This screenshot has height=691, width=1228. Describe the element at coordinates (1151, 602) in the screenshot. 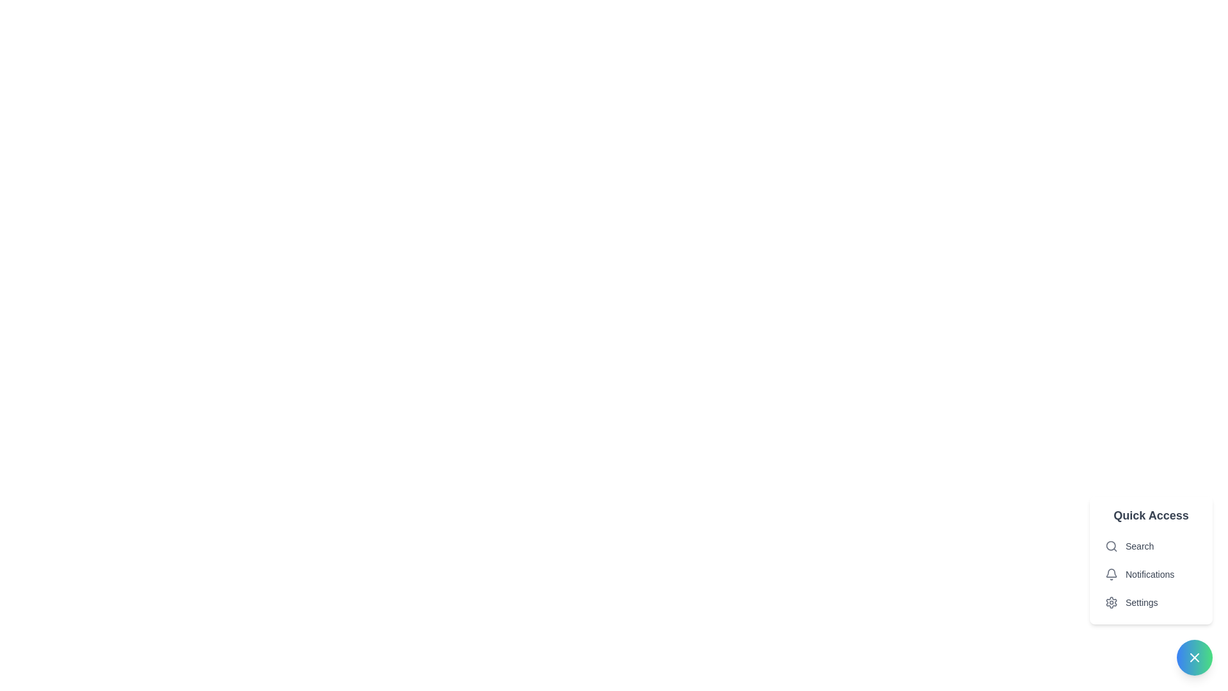

I see `the 'Settings' button-like list item with a cog icon` at that location.